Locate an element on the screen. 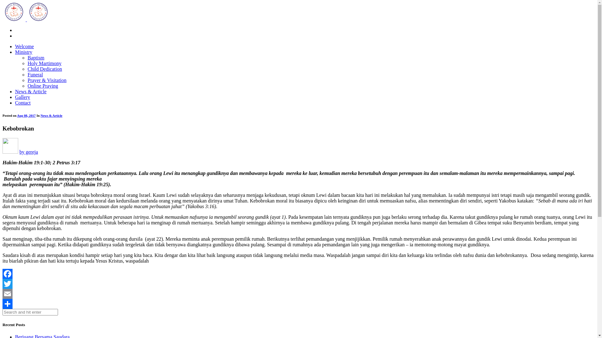  'Contact' is located at coordinates (15, 102).